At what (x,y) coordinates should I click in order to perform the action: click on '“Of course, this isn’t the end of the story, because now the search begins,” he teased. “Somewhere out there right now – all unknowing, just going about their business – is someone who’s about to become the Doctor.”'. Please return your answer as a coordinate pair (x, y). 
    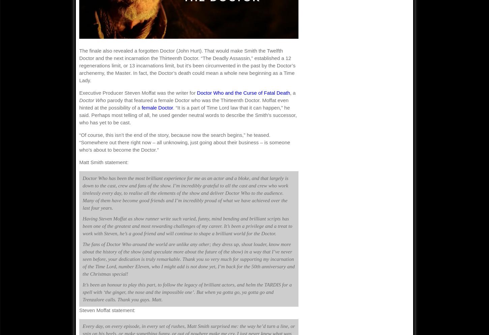
    Looking at the image, I should click on (184, 142).